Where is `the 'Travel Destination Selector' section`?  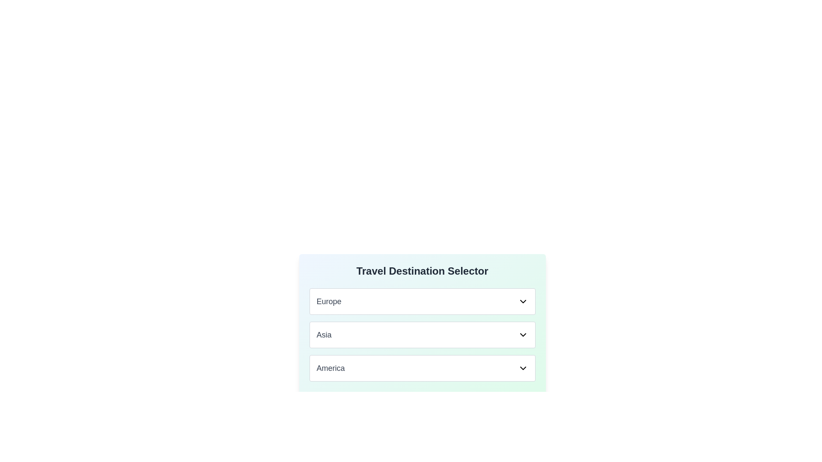 the 'Travel Destination Selector' section is located at coordinates (422, 347).